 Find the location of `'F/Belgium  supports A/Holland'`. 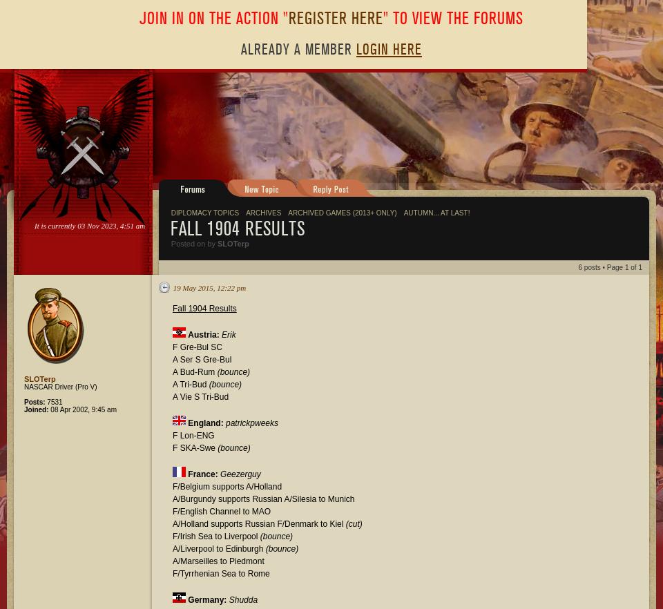

'F/Belgium  supports A/Holland' is located at coordinates (227, 486).